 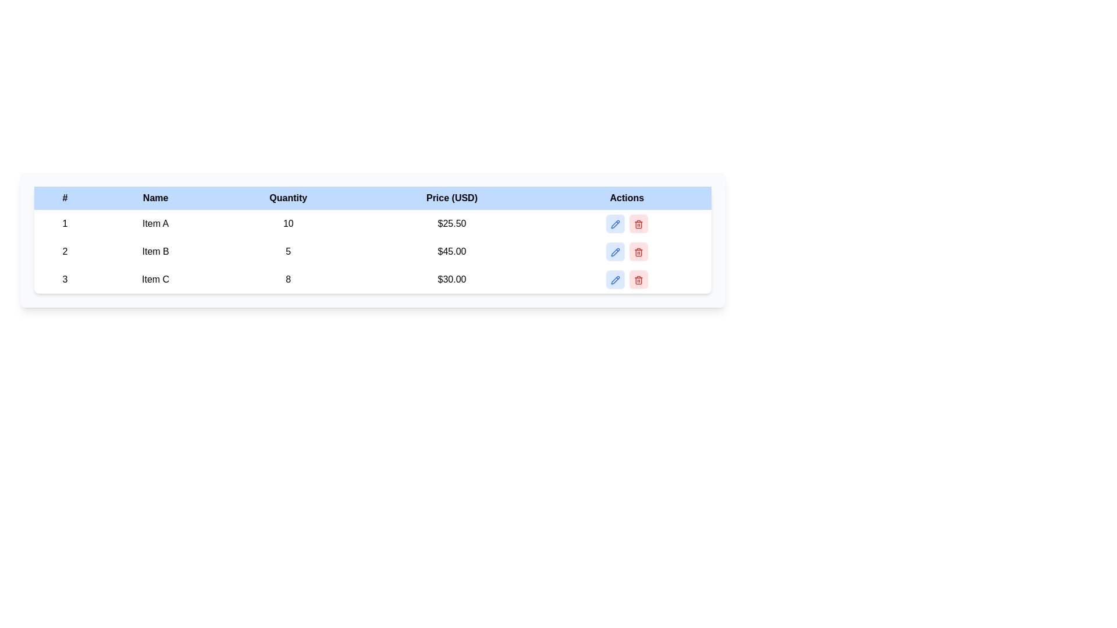 I want to click on the delete button located in the 'Actions' column of the third row in the table to observe style changes, so click(x=638, y=280).